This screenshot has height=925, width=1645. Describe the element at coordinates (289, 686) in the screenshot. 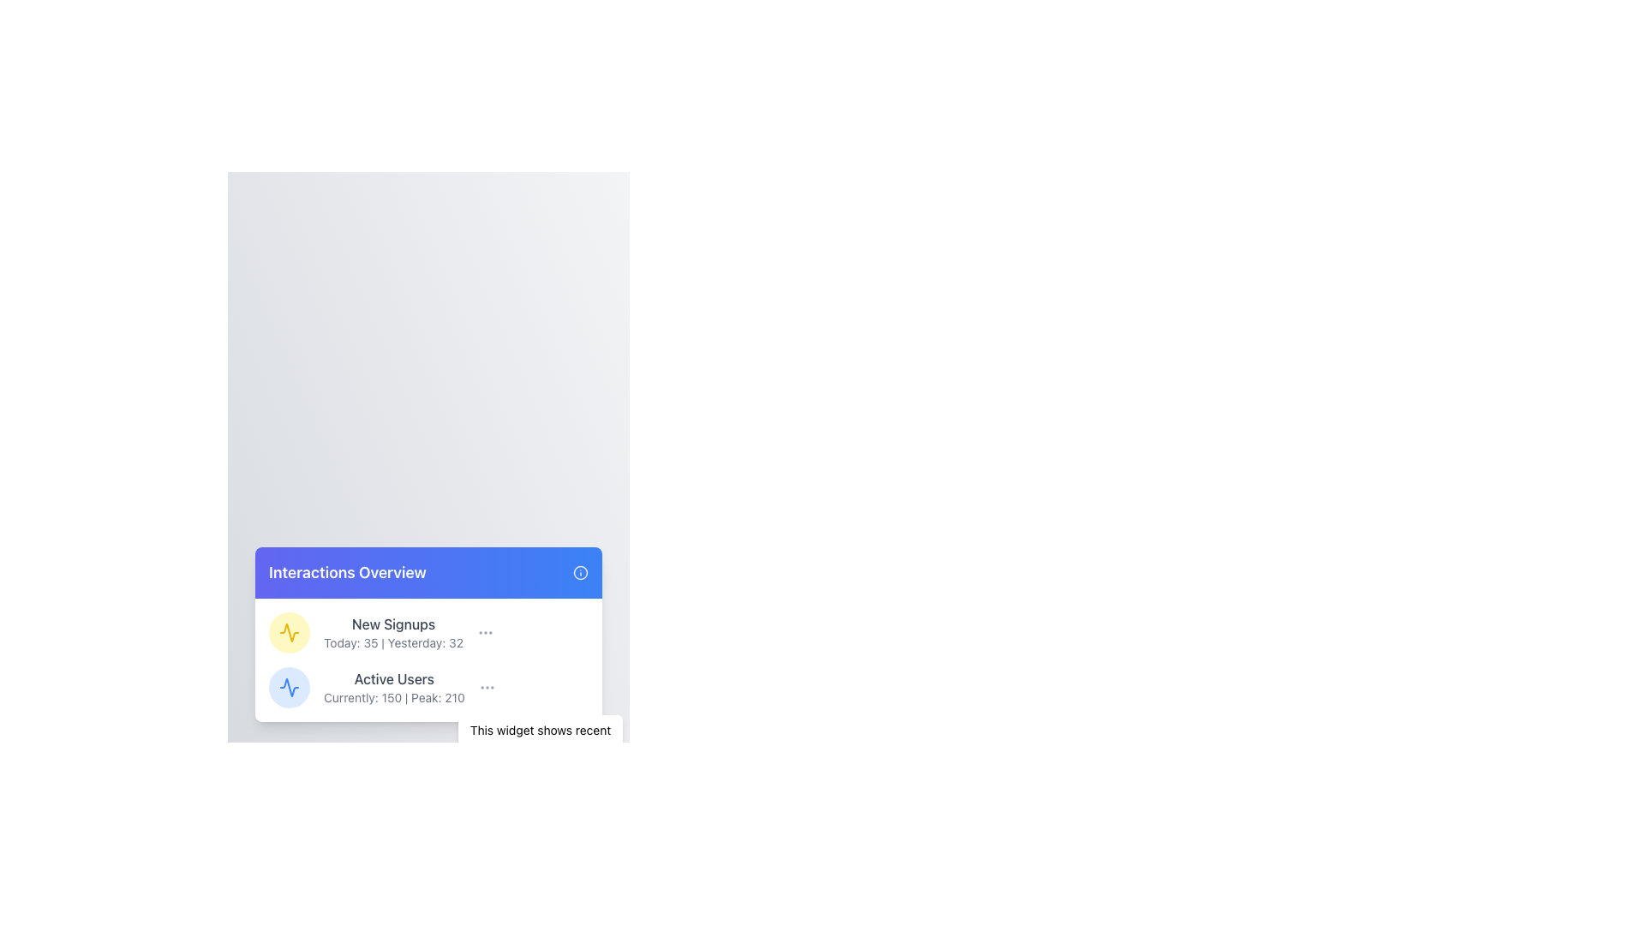

I see `the blue waveform icon representing active users located in the second row of the 'Interactions Overview' widget` at that location.